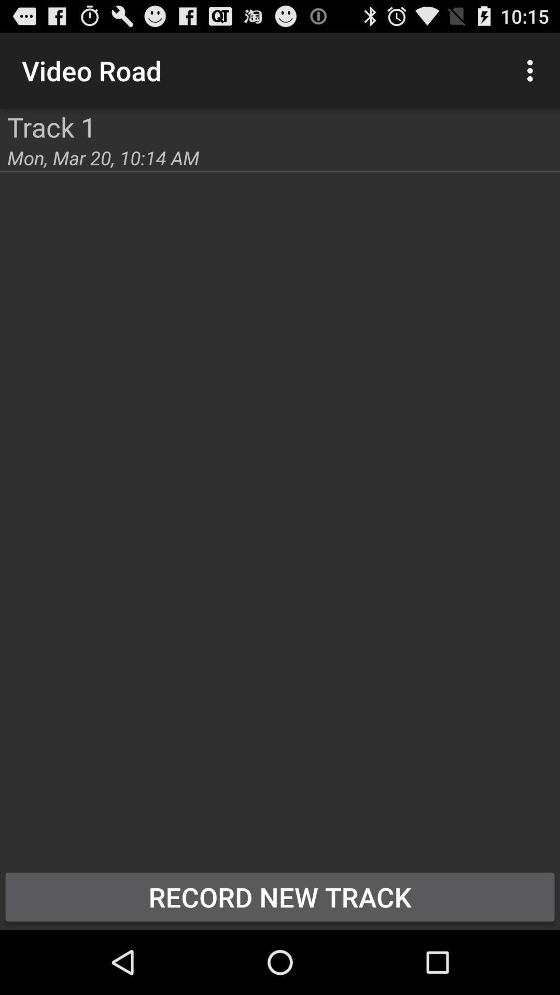 This screenshot has height=995, width=560. I want to click on the track 1 item, so click(51, 126).